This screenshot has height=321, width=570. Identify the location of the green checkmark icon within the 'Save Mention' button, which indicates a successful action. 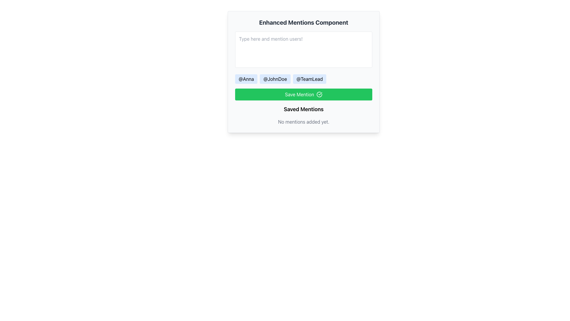
(319, 94).